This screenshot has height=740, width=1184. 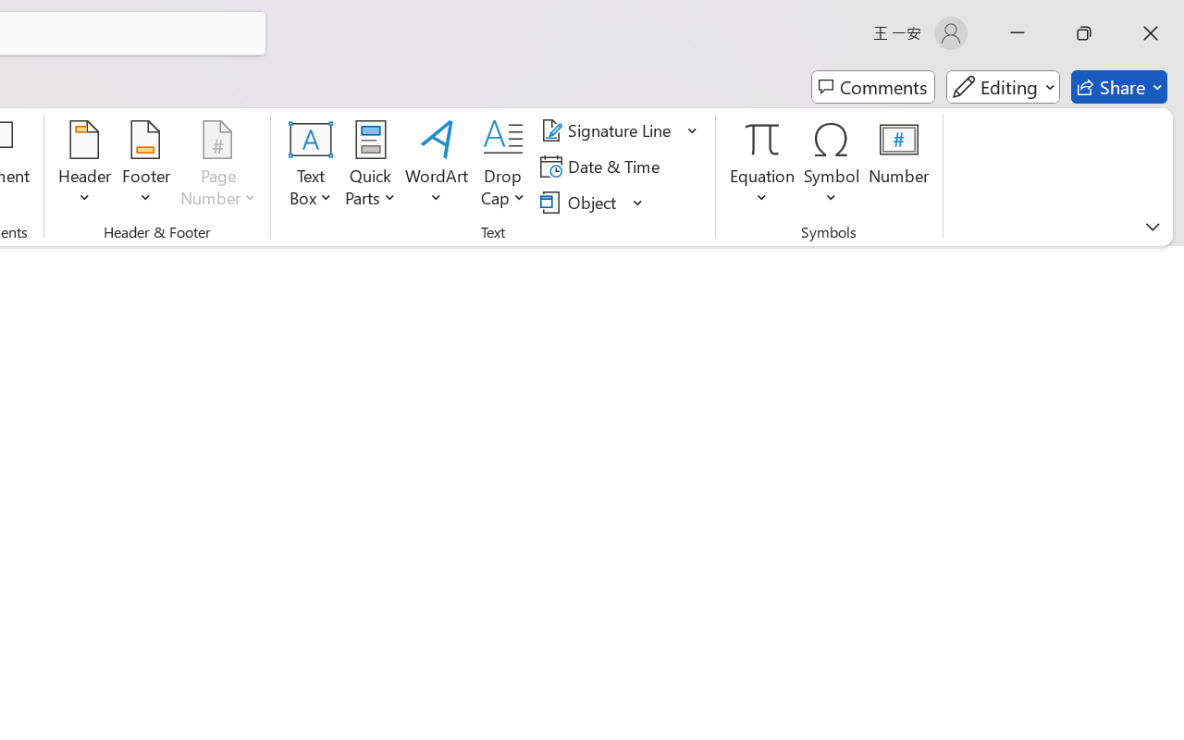 What do you see at coordinates (218, 166) in the screenshot?
I see `'Page Number'` at bounding box center [218, 166].